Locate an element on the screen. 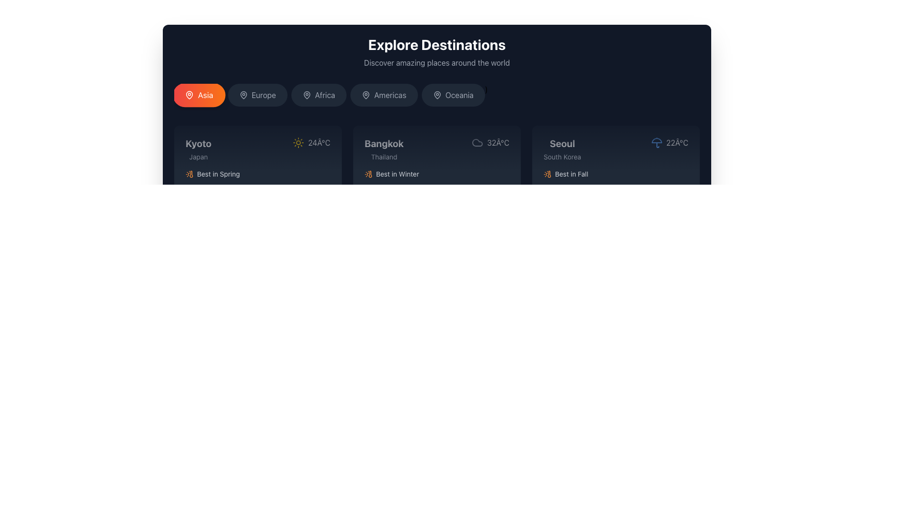  the text label displaying '22Â°C', styled in white, located to the right of the umbrella icon in the 'Seoul' weather card is located at coordinates (676, 143).